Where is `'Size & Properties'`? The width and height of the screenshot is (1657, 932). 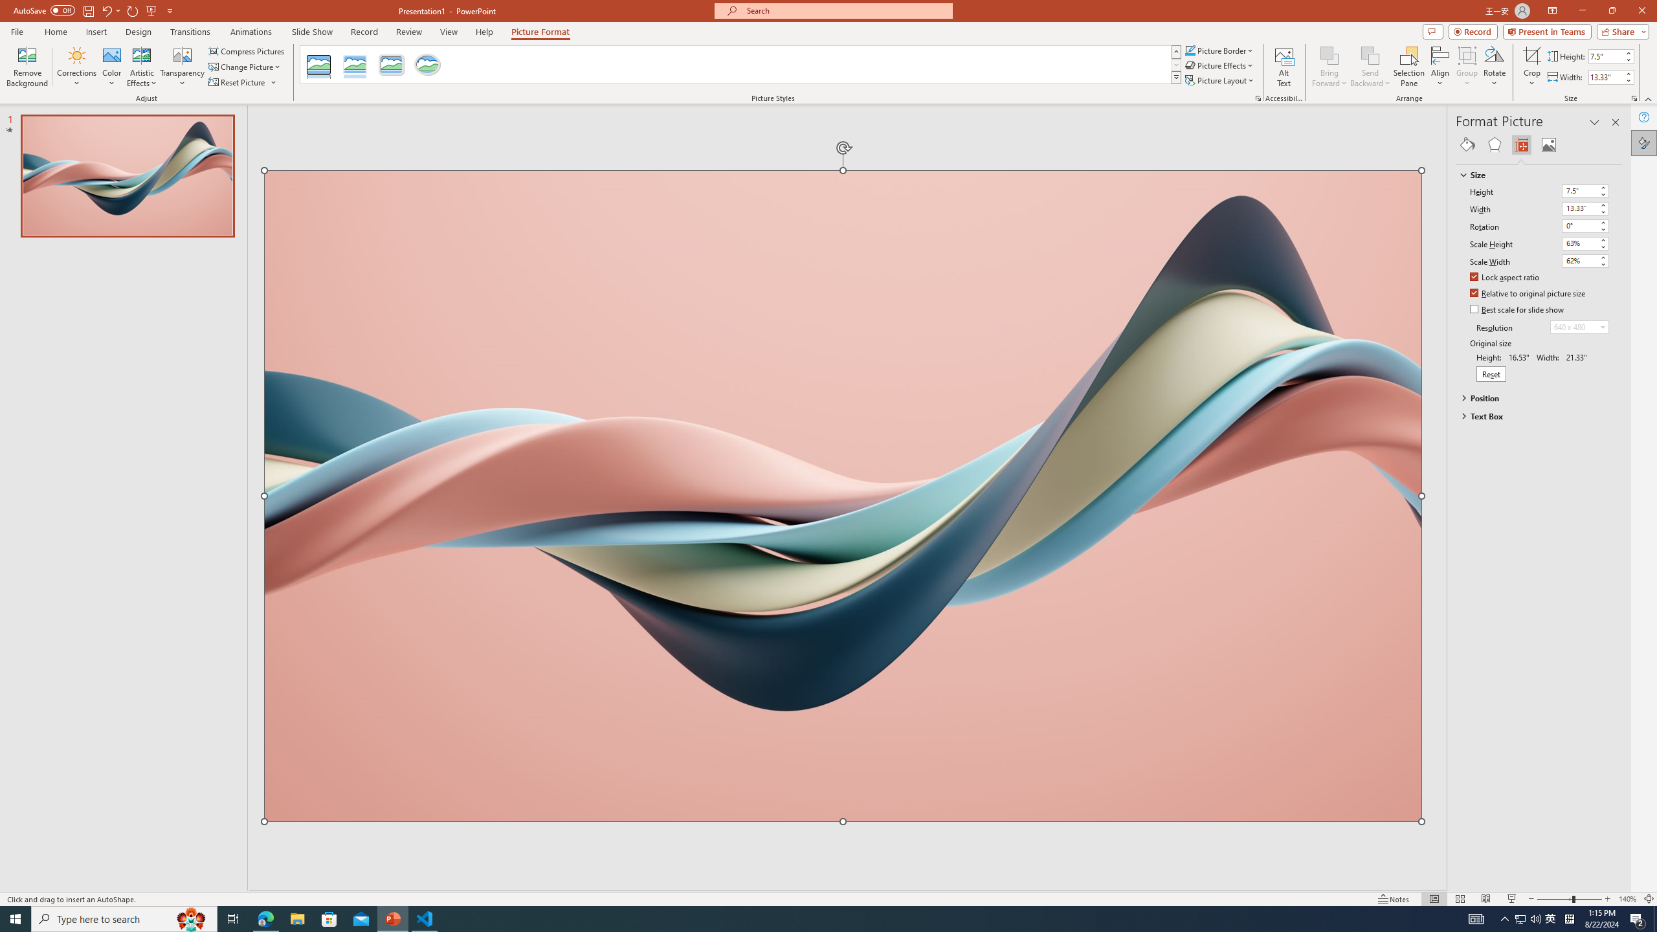 'Size & Properties' is located at coordinates (1522, 144).